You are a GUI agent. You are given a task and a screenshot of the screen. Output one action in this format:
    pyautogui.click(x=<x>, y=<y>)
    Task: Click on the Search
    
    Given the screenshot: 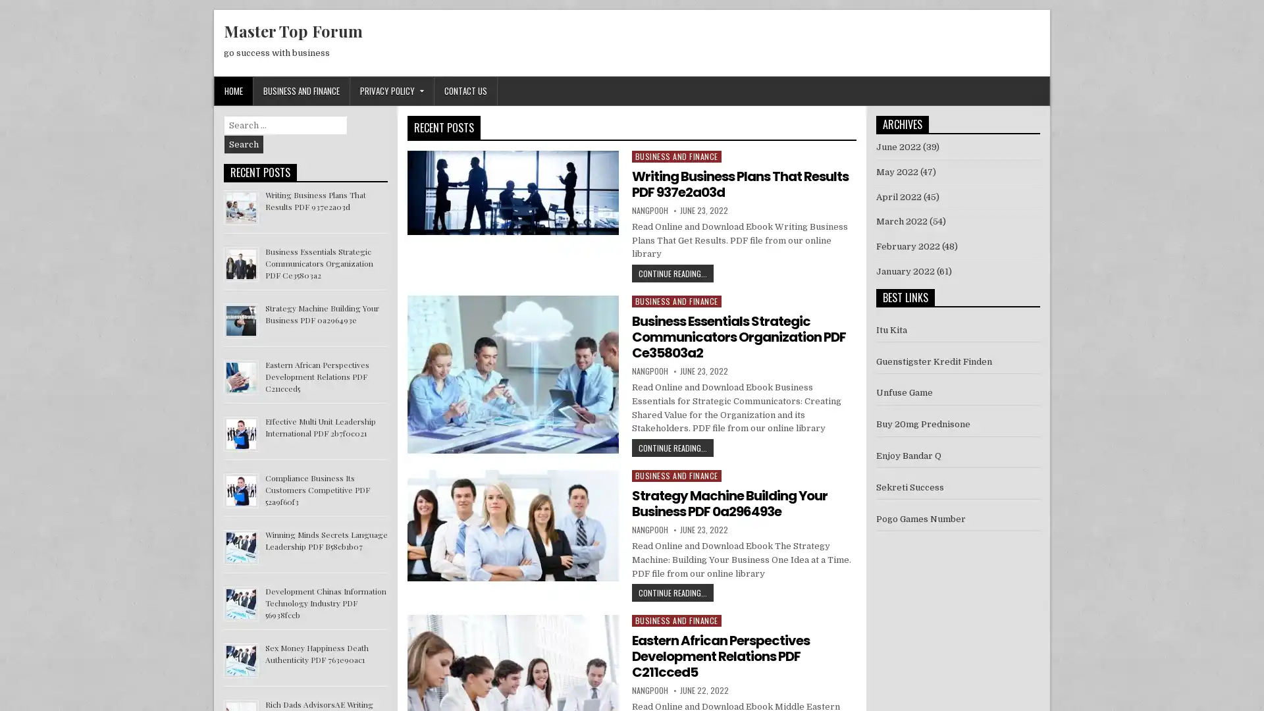 What is the action you would take?
    pyautogui.click(x=244, y=144)
    